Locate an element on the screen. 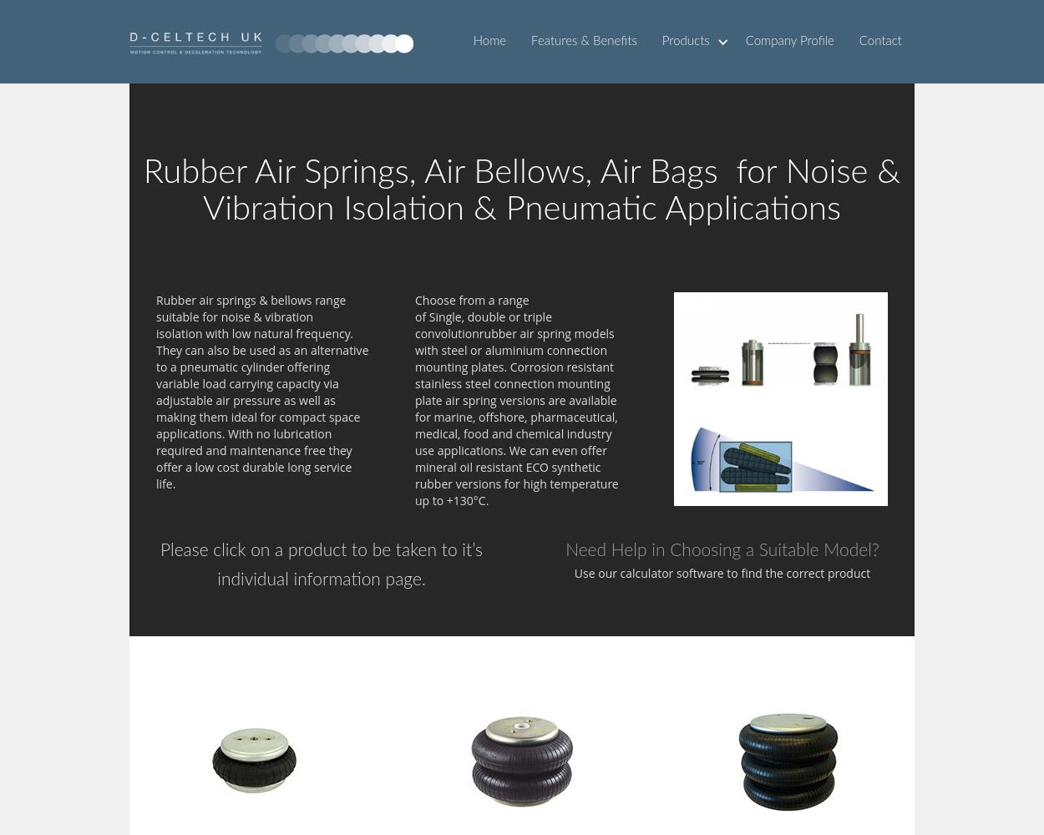 This screenshot has height=835, width=1044. 'Company Profile' is located at coordinates (788, 41).